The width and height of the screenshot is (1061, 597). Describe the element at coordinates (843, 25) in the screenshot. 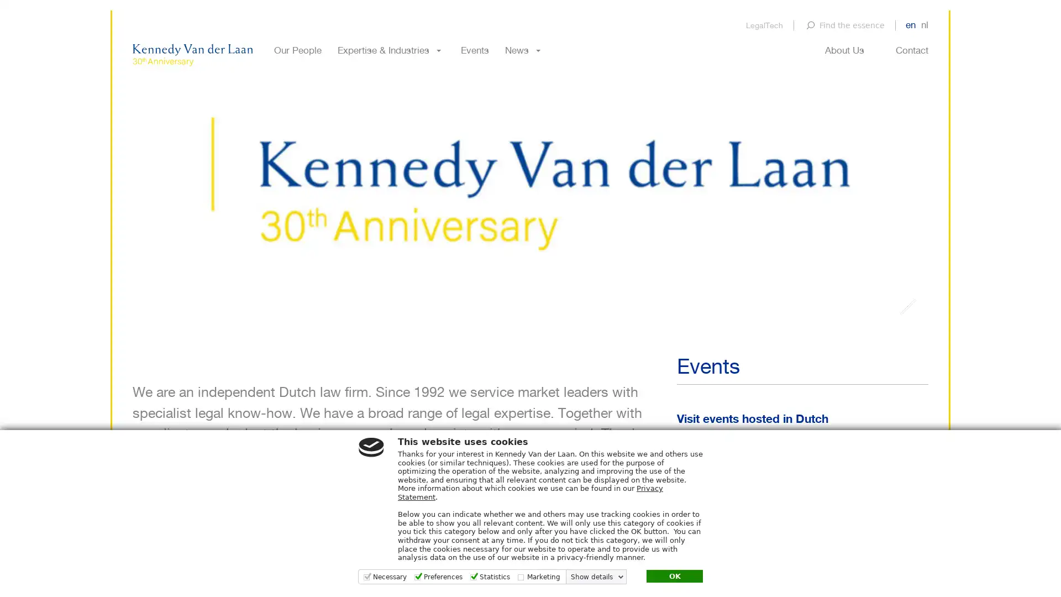

I see `Find the essence` at that location.